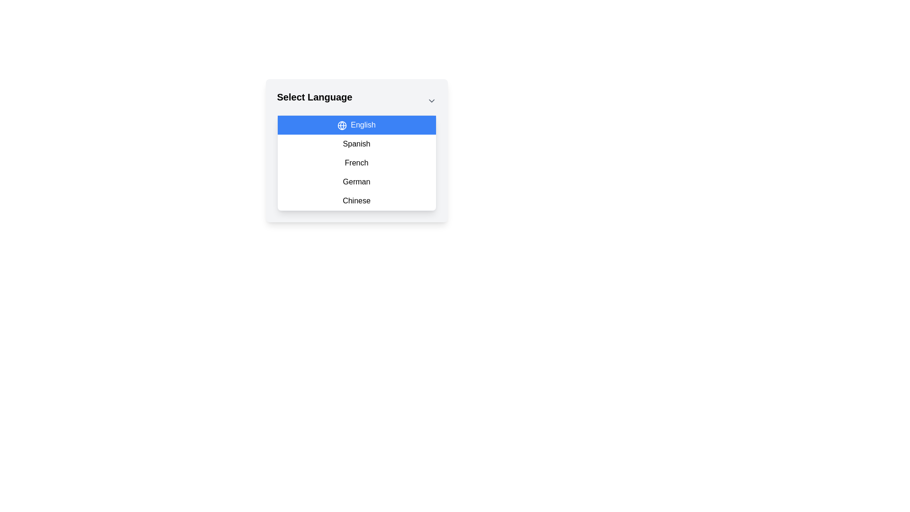 The image size is (910, 512). What do you see at coordinates (342, 125) in the screenshot?
I see `the circular outline of the globe icon in the SVG graphic representing the 'Language' option, located to the left of the text 'English' in the drop-down menu` at bounding box center [342, 125].